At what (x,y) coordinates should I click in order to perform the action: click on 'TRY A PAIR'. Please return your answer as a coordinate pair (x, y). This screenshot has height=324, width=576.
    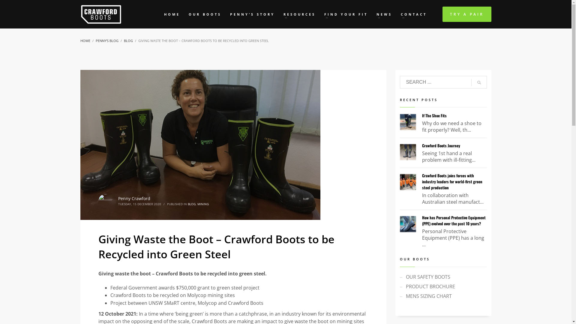
    Looking at the image, I should click on (466, 14).